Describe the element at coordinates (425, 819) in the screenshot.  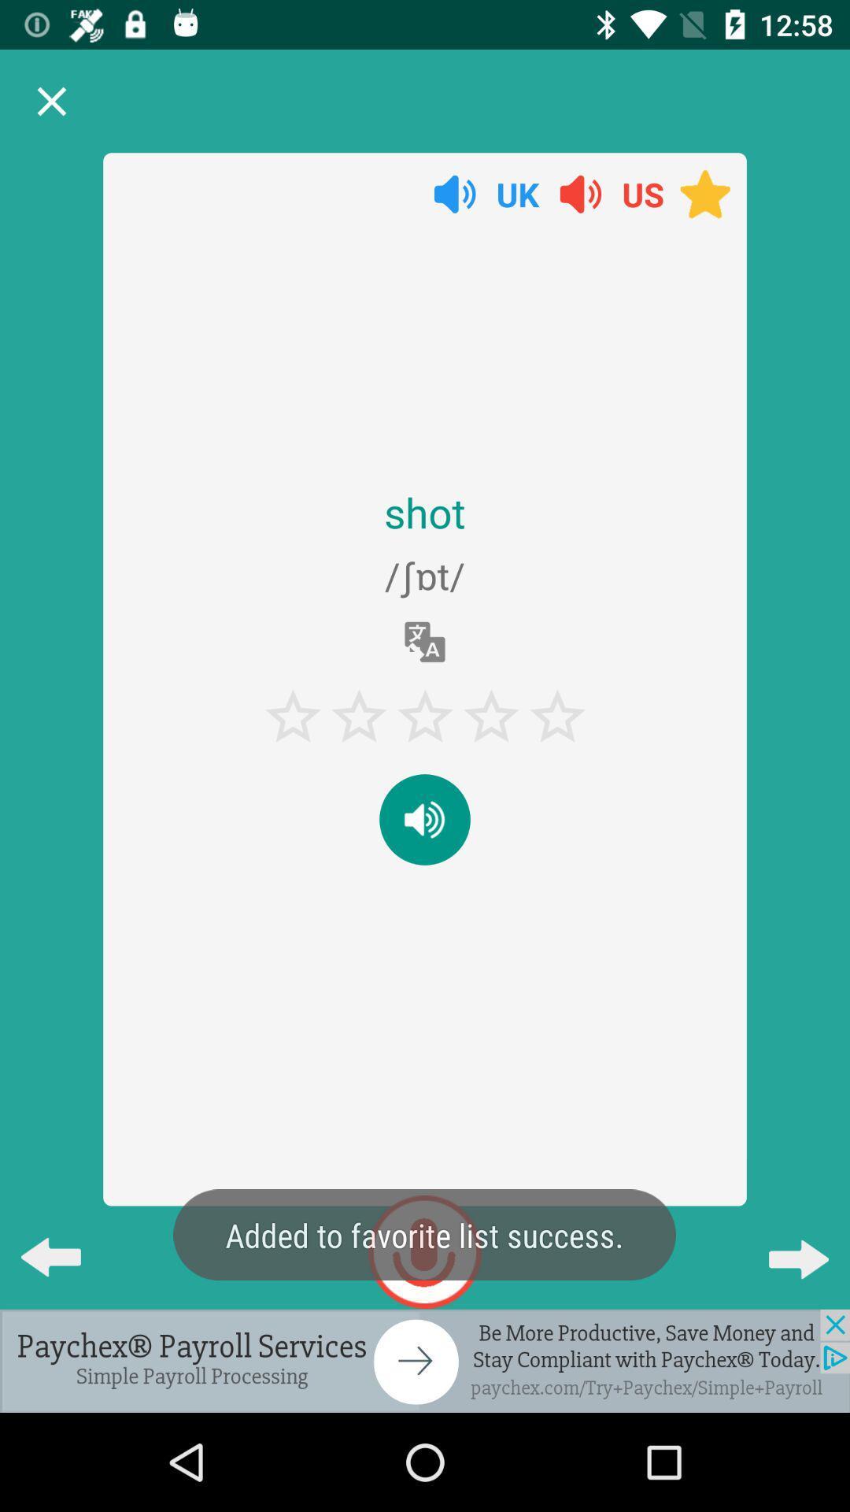
I see `audio` at that location.